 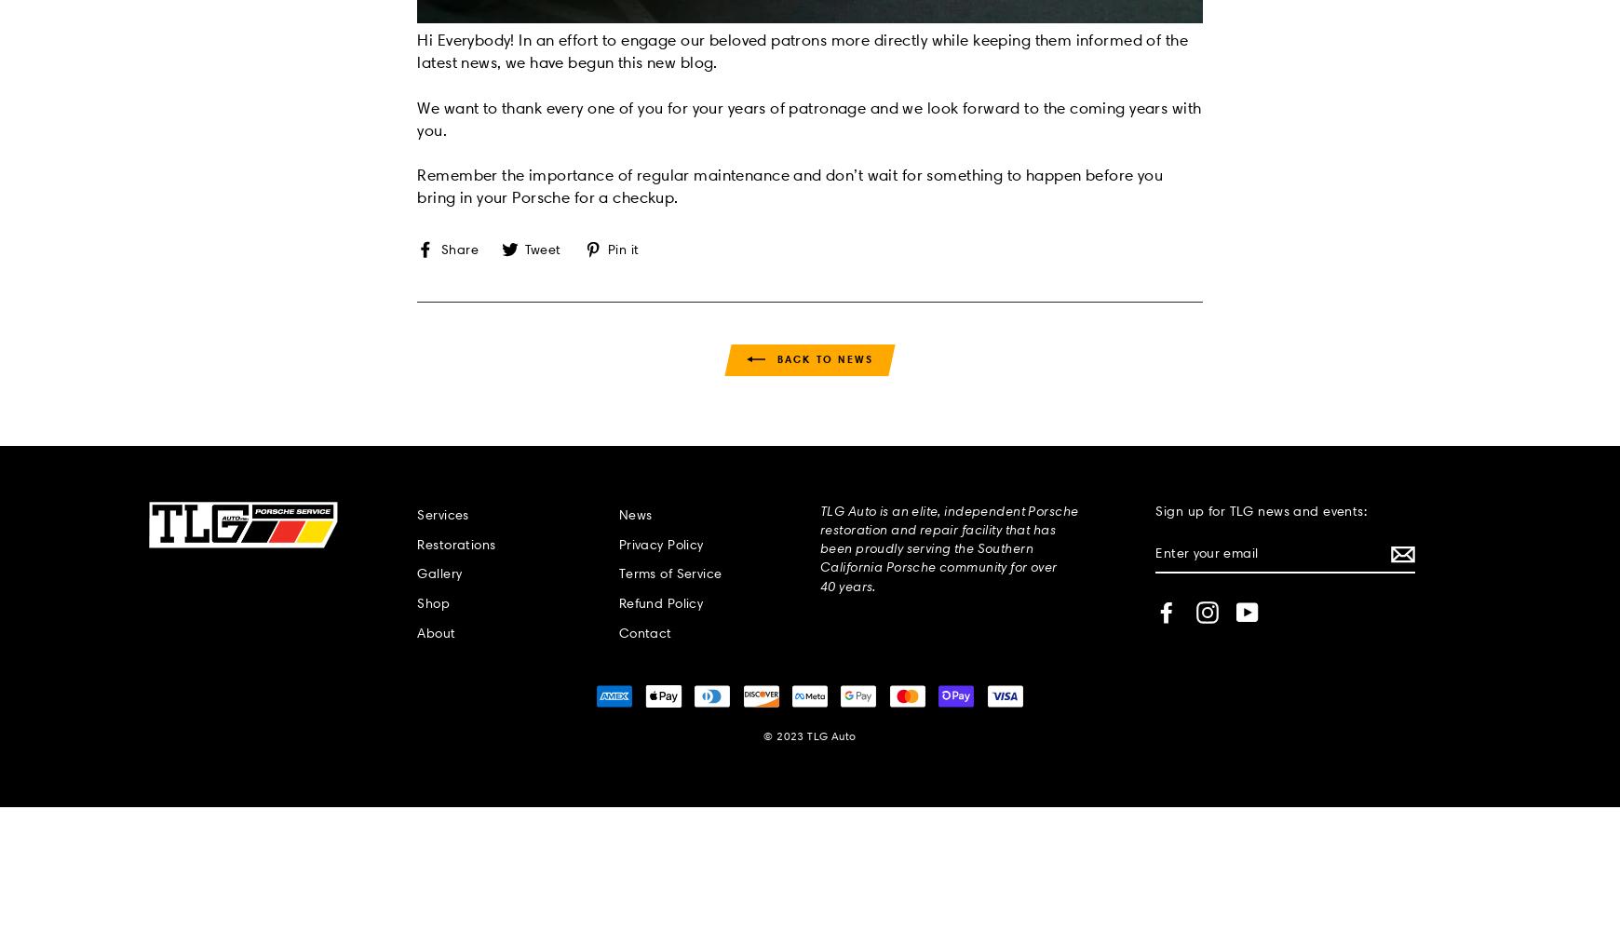 What do you see at coordinates (802, 50) in the screenshot?
I see `'Hi Everybody! In an effort to engage our beloved patrons more directly while keeping them informed of the latest news, we have begun this new blog.'` at bounding box center [802, 50].